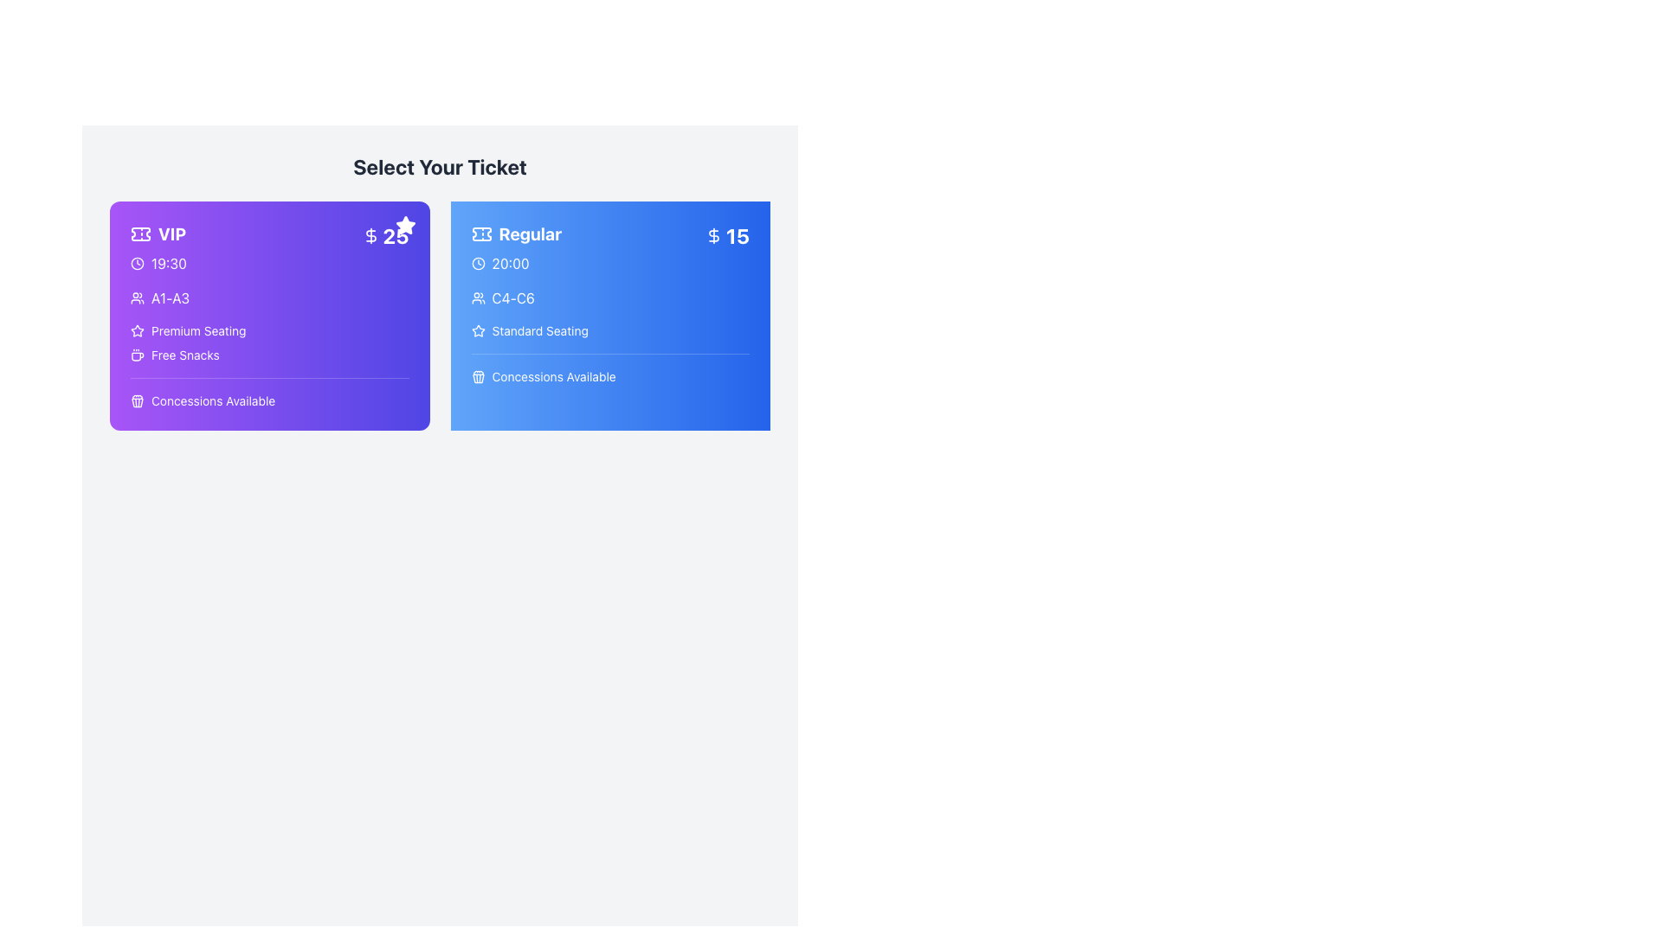 The width and height of the screenshot is (1662, 934). I want to click on the star-shaped vector graphic icon with a hollow interior and a bold border located in the top-right corner of the 'VIP $25' card, styled with a purple gradient color scheme, so click(136, 330).